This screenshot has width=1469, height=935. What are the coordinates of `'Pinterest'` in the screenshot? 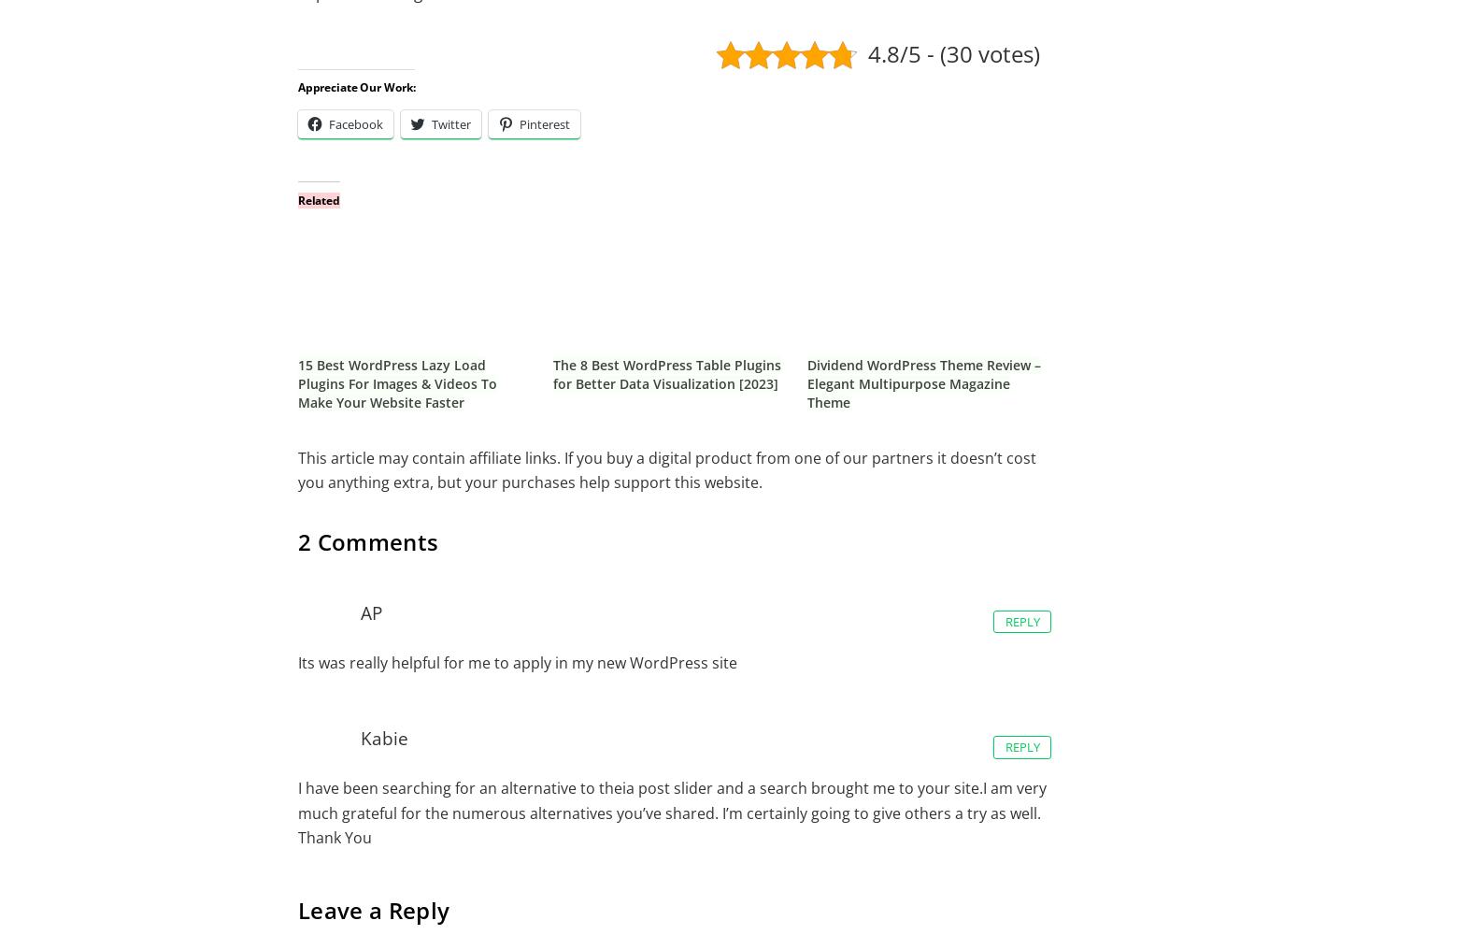 It's located at (518, 124).